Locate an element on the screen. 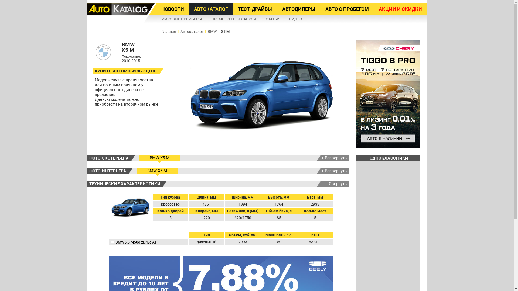 This screenshot has width=518, height=291. 'BMW' is located at coordinates (212, 31).